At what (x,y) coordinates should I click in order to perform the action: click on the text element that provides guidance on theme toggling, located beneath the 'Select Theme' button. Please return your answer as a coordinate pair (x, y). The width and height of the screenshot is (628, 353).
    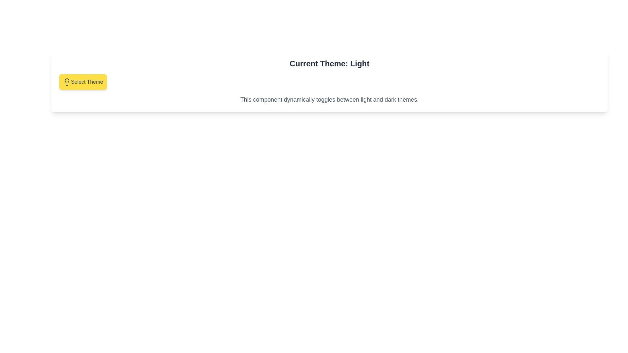
    Looking at the image, I should click on (329, 99).